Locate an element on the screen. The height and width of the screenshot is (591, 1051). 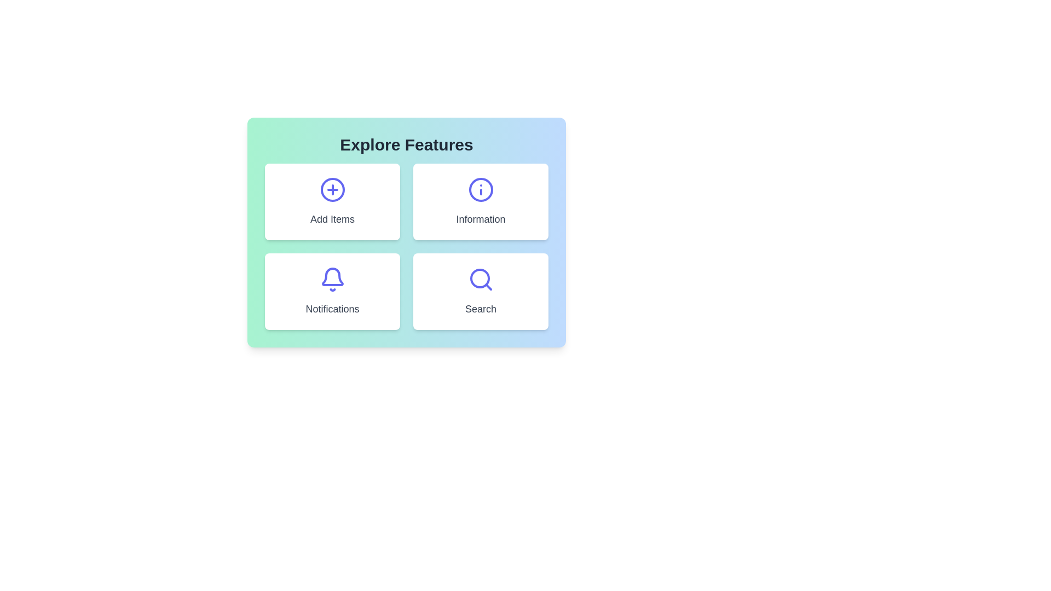
the lower curved section of the bell icon that symbolizes notifications within the 'Notifications' layout in the second row, first column of the grid under 'Explore Features' is located at coordinates (332, 276).